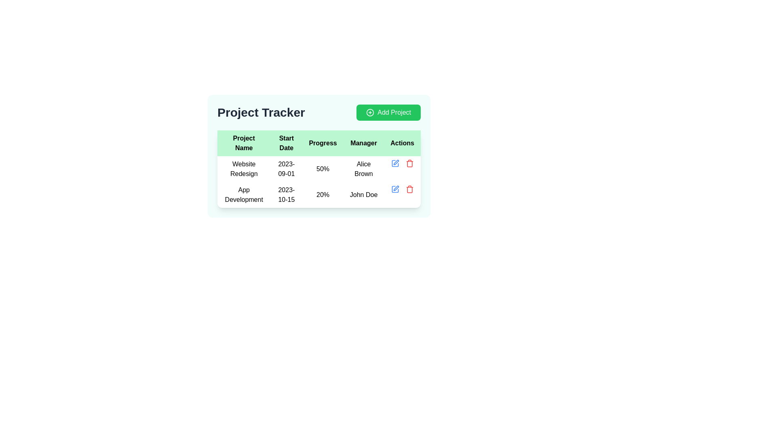 Image resolution: width=776 pixels, height=436 pixels. Describe the element at coordinates (396, 162) in the screenshot. I see `the edit icon in the 'Actions' column of the table corresponding to the 'App Development' project` at that location.